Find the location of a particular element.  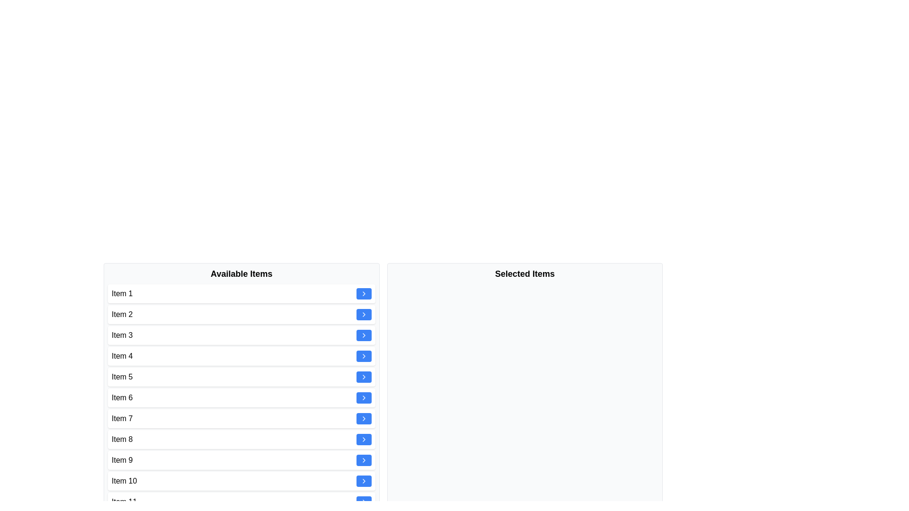

the rightward-pointing chevron icon inside the blue button at the end of the row labeled 'Item 9' in the 'Available Items' section is located at coordinates (363, 459).